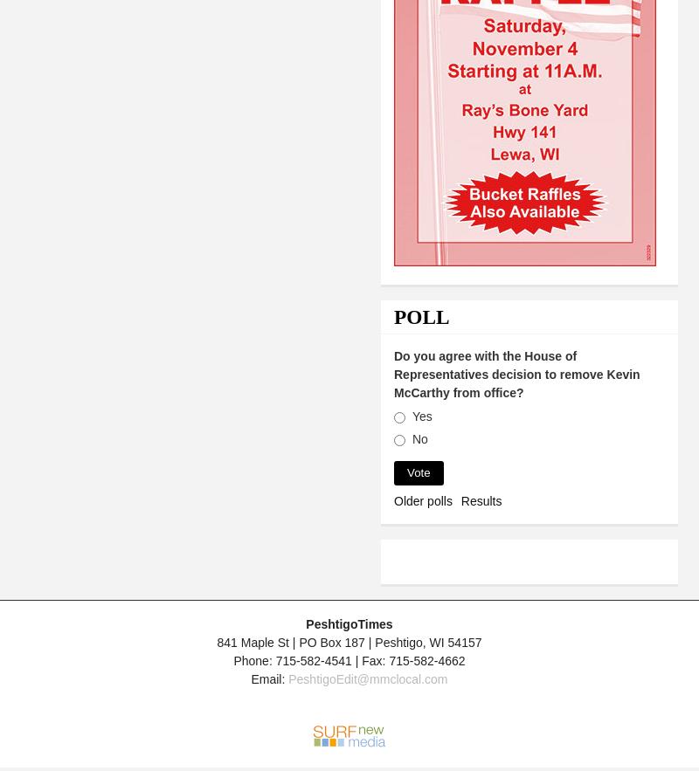  I want to click on 'Yes', so click(411, 416).